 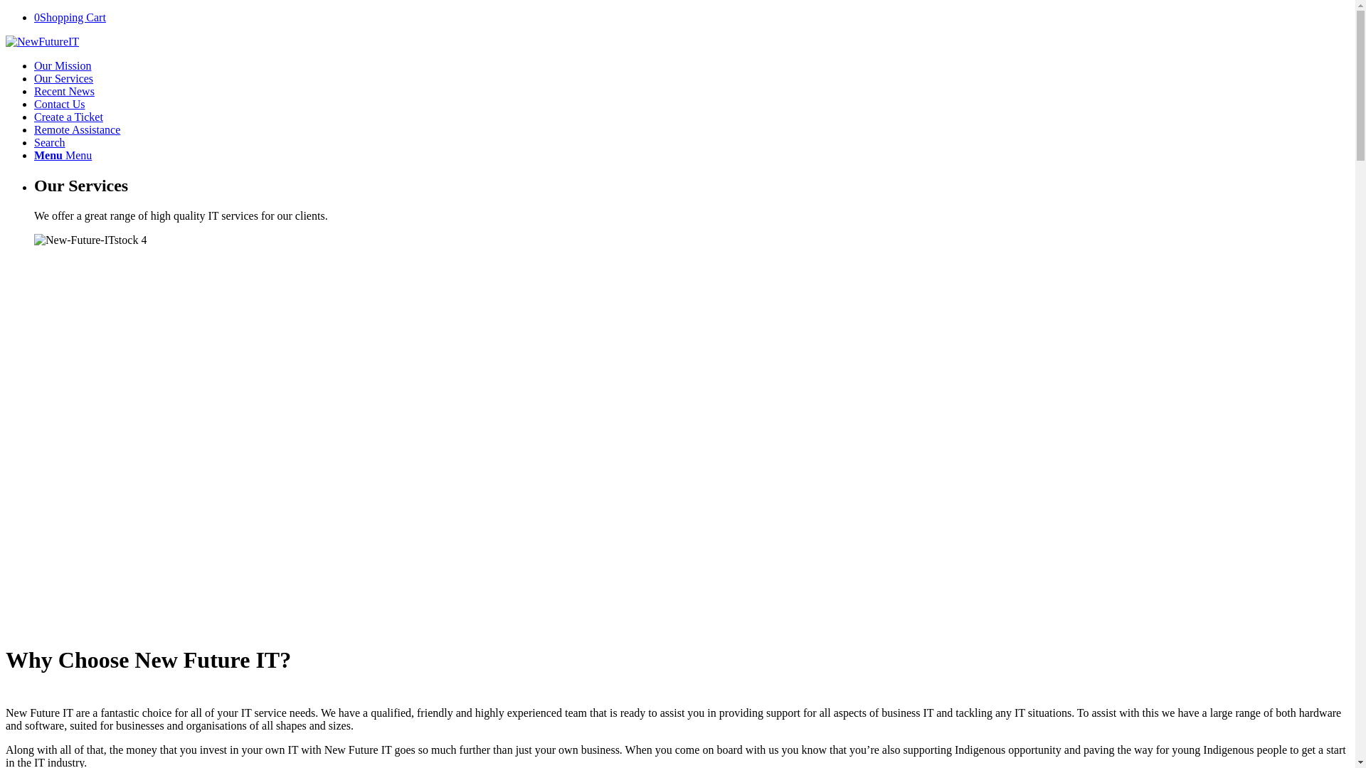 I want to click on 'Our Services', so click(x=34, y=78).